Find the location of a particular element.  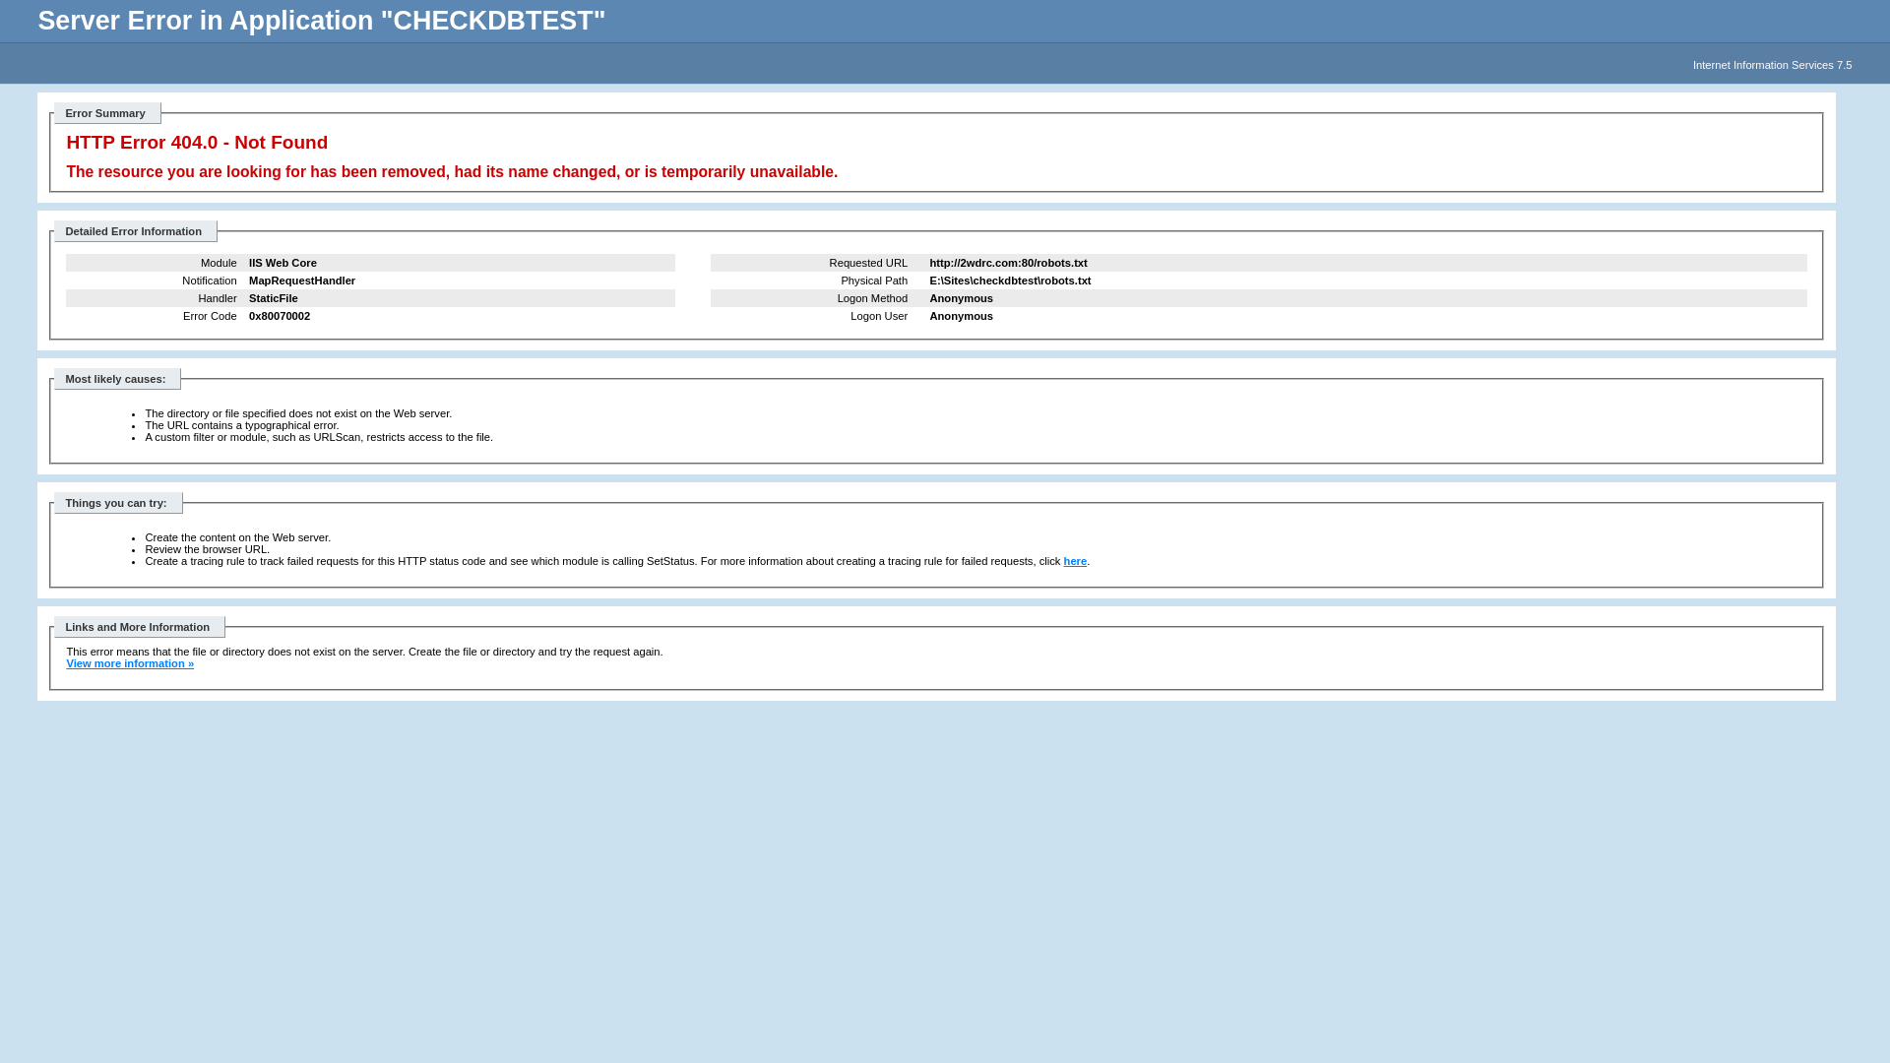

'here' is located at coordinates (1075, 561).